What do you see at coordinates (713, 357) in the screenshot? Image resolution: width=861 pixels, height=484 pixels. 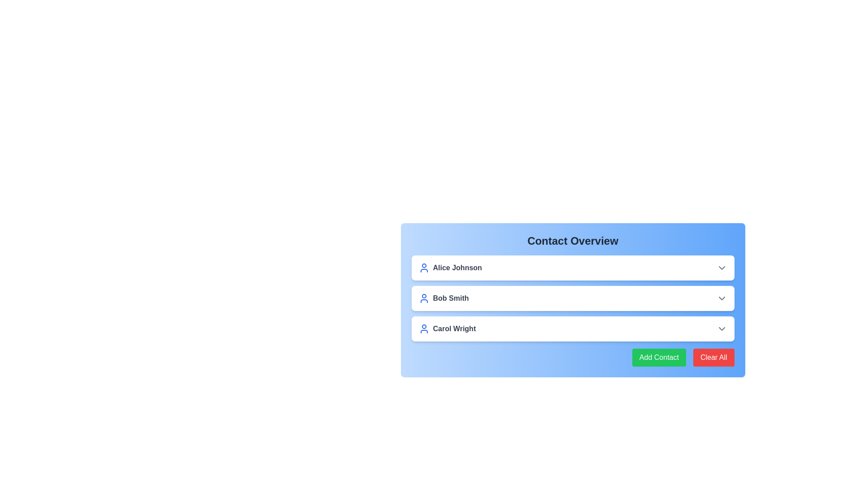 I see `the 'Clear All' button to remove all contacts` at bounding box center [713, 357].